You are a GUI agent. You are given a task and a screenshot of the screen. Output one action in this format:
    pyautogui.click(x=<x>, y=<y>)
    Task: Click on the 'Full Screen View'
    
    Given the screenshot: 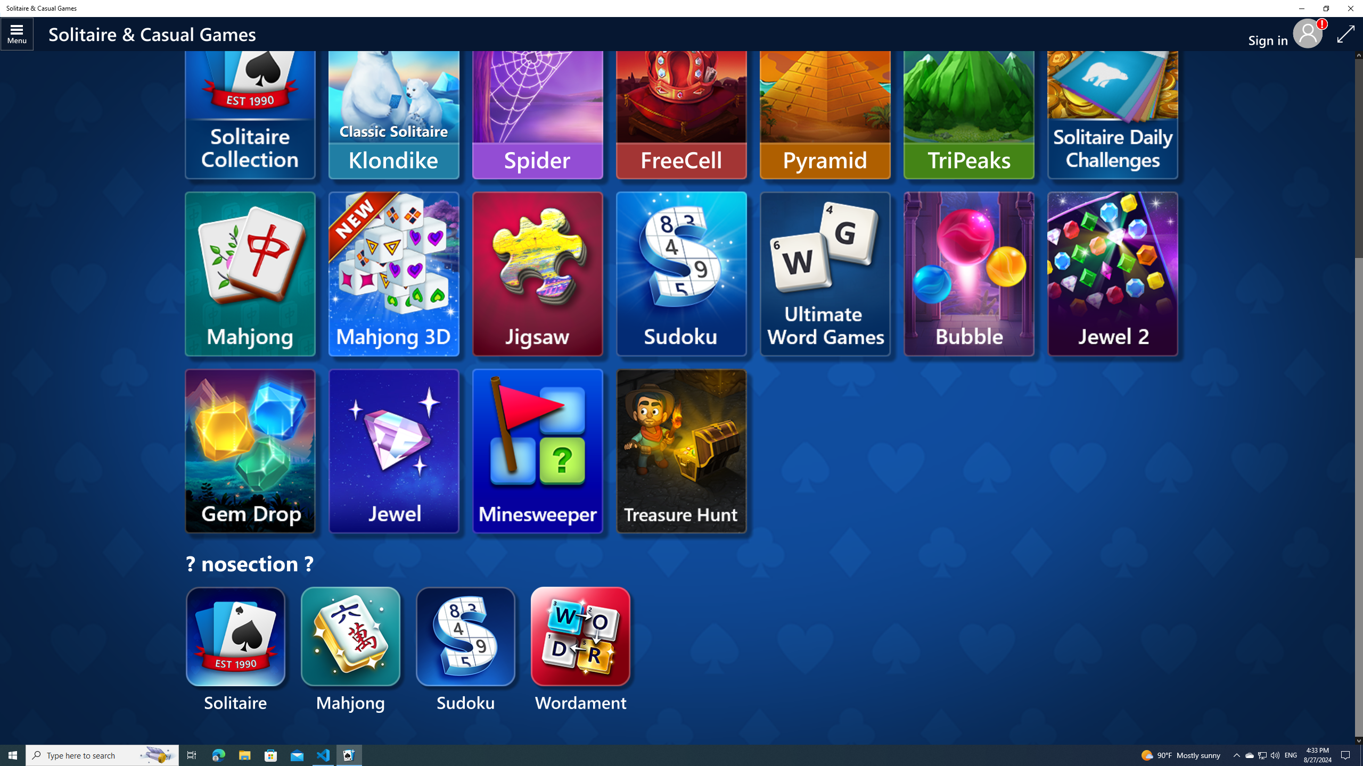 What is the action you would take?
    pyautogui.click(x=1345, y=34)
    